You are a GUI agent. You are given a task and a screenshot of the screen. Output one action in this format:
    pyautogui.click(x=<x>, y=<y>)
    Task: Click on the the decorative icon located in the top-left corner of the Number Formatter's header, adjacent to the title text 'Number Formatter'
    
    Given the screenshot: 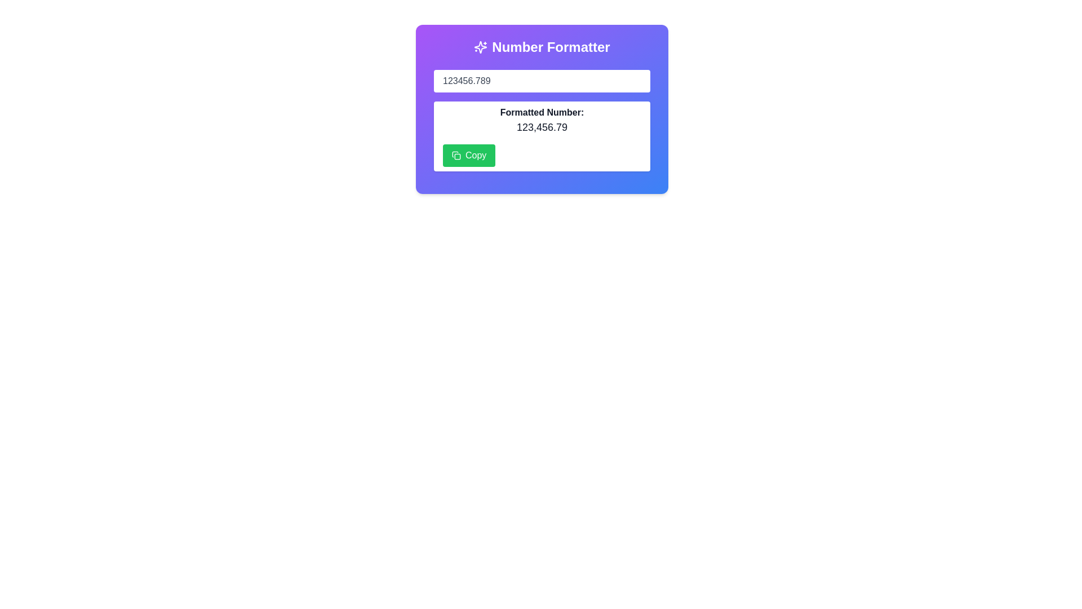 What is the action you would take?
    pyautogui.click(x=481, y=47)
    